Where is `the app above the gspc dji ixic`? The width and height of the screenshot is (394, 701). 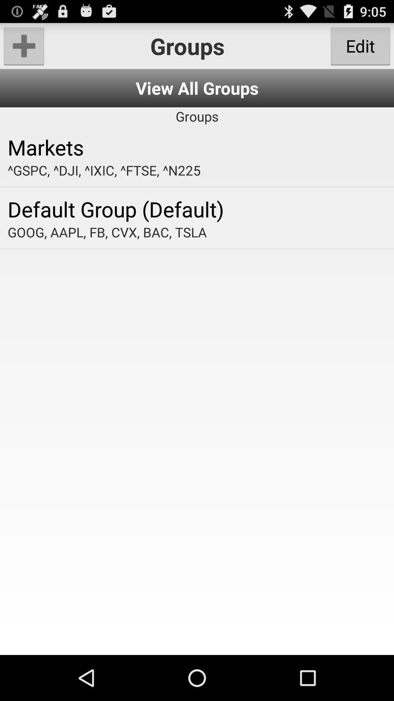 the app above the gspc dji ixic is located at coordinates (197, 147).